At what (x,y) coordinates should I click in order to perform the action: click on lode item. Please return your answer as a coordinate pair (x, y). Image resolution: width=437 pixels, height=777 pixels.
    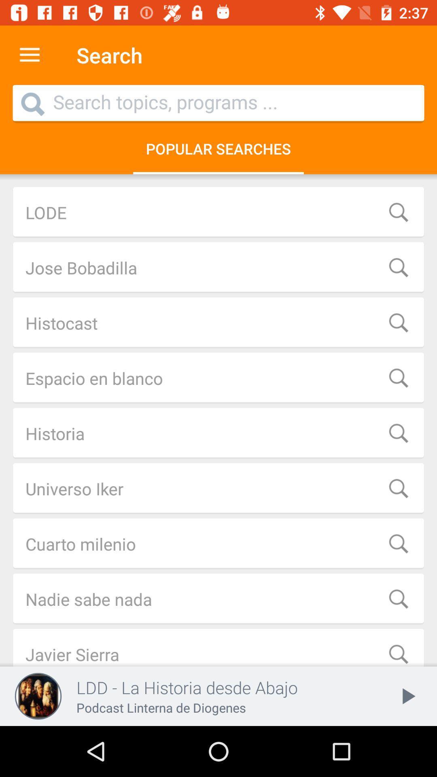
    Looking at the image, I should click on (218, 212).